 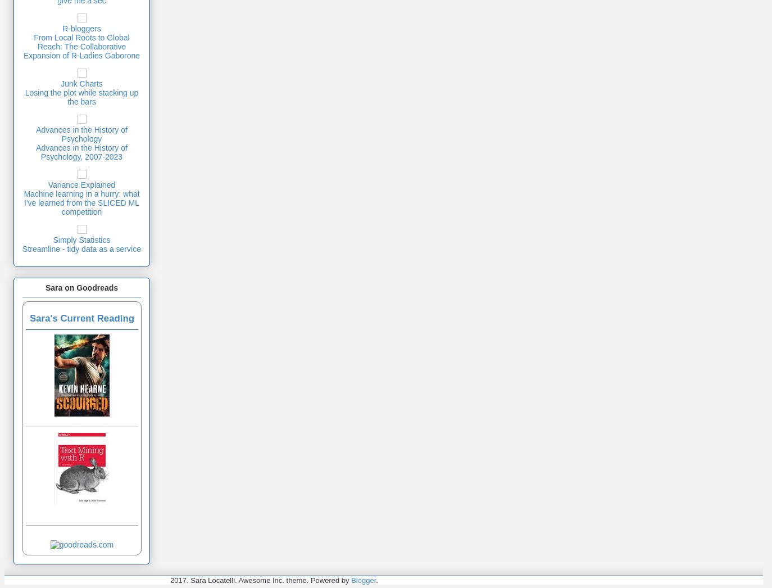 What do you see at coordinates (80, 287) in the screenshot?
I see `'Sara on Goodreads'` at bounding box center [80, 287].